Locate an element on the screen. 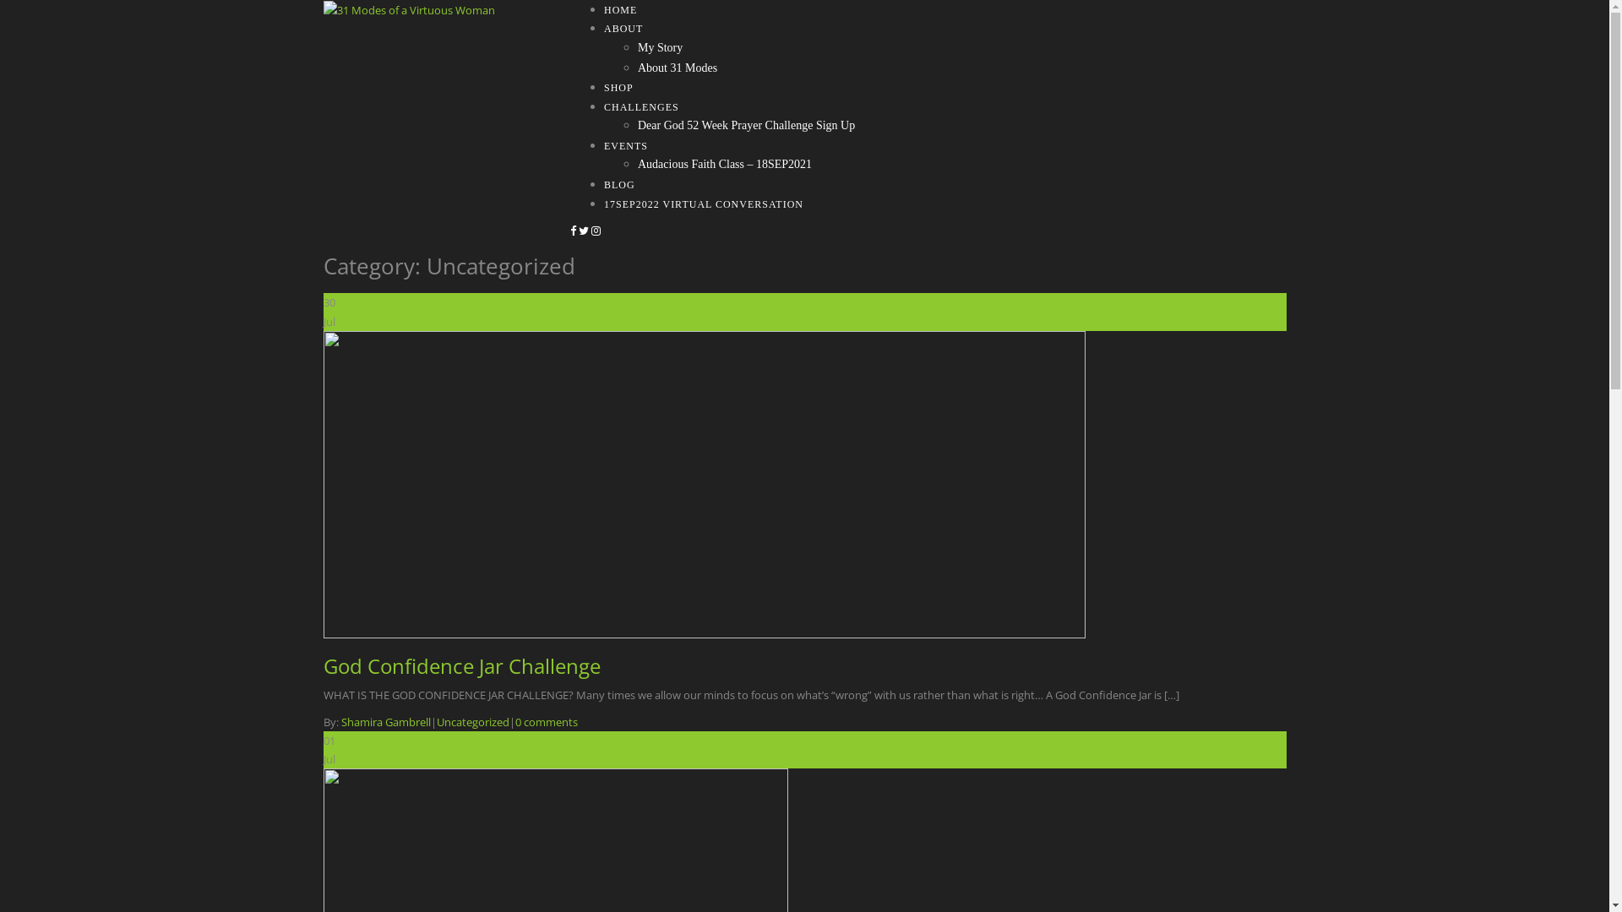  'Dear God 52 Week Prayer Challenge Sign Up' is located at coordinates (745, 124).